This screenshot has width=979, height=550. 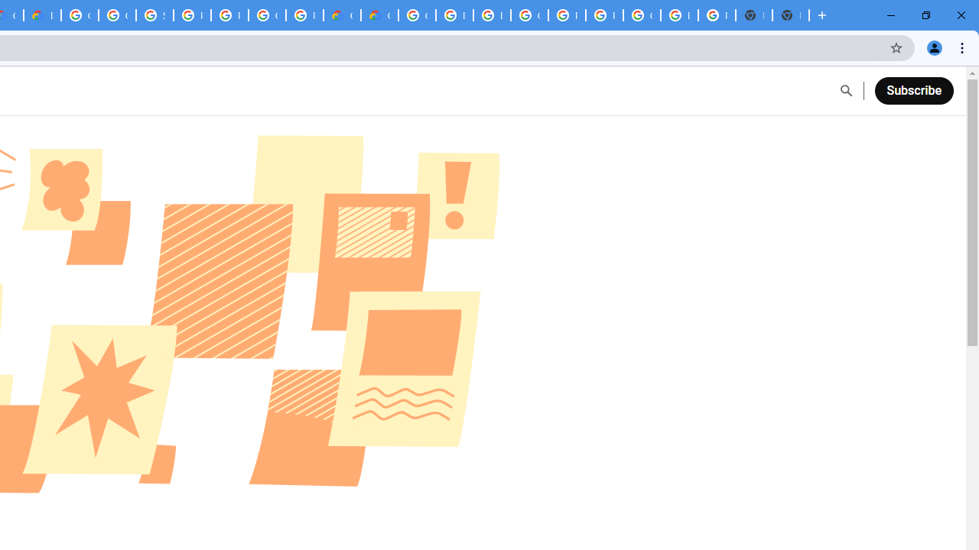 I want to click on 'Subscribe', so click(x=913, y=90).